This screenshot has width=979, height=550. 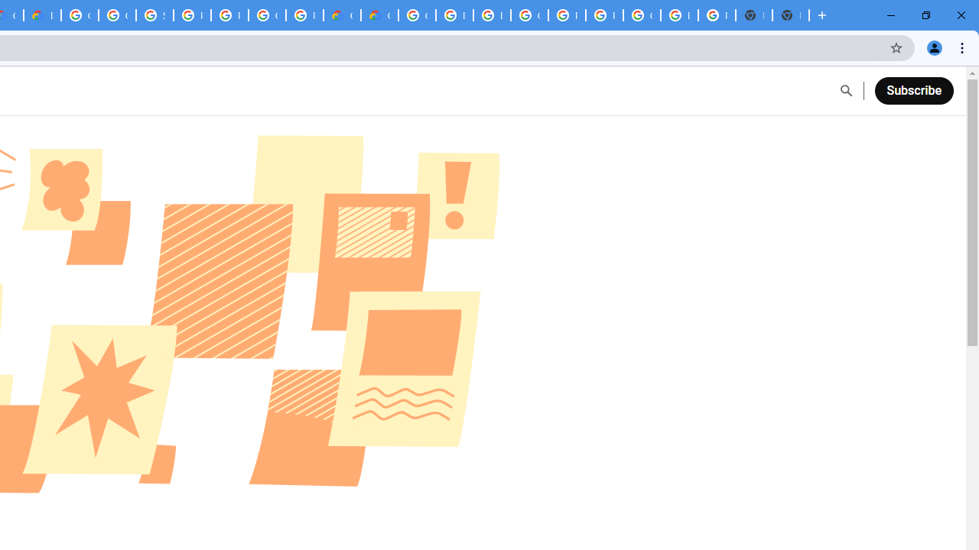 I want to click on 'Subscribe', so click(x=913, y=90).